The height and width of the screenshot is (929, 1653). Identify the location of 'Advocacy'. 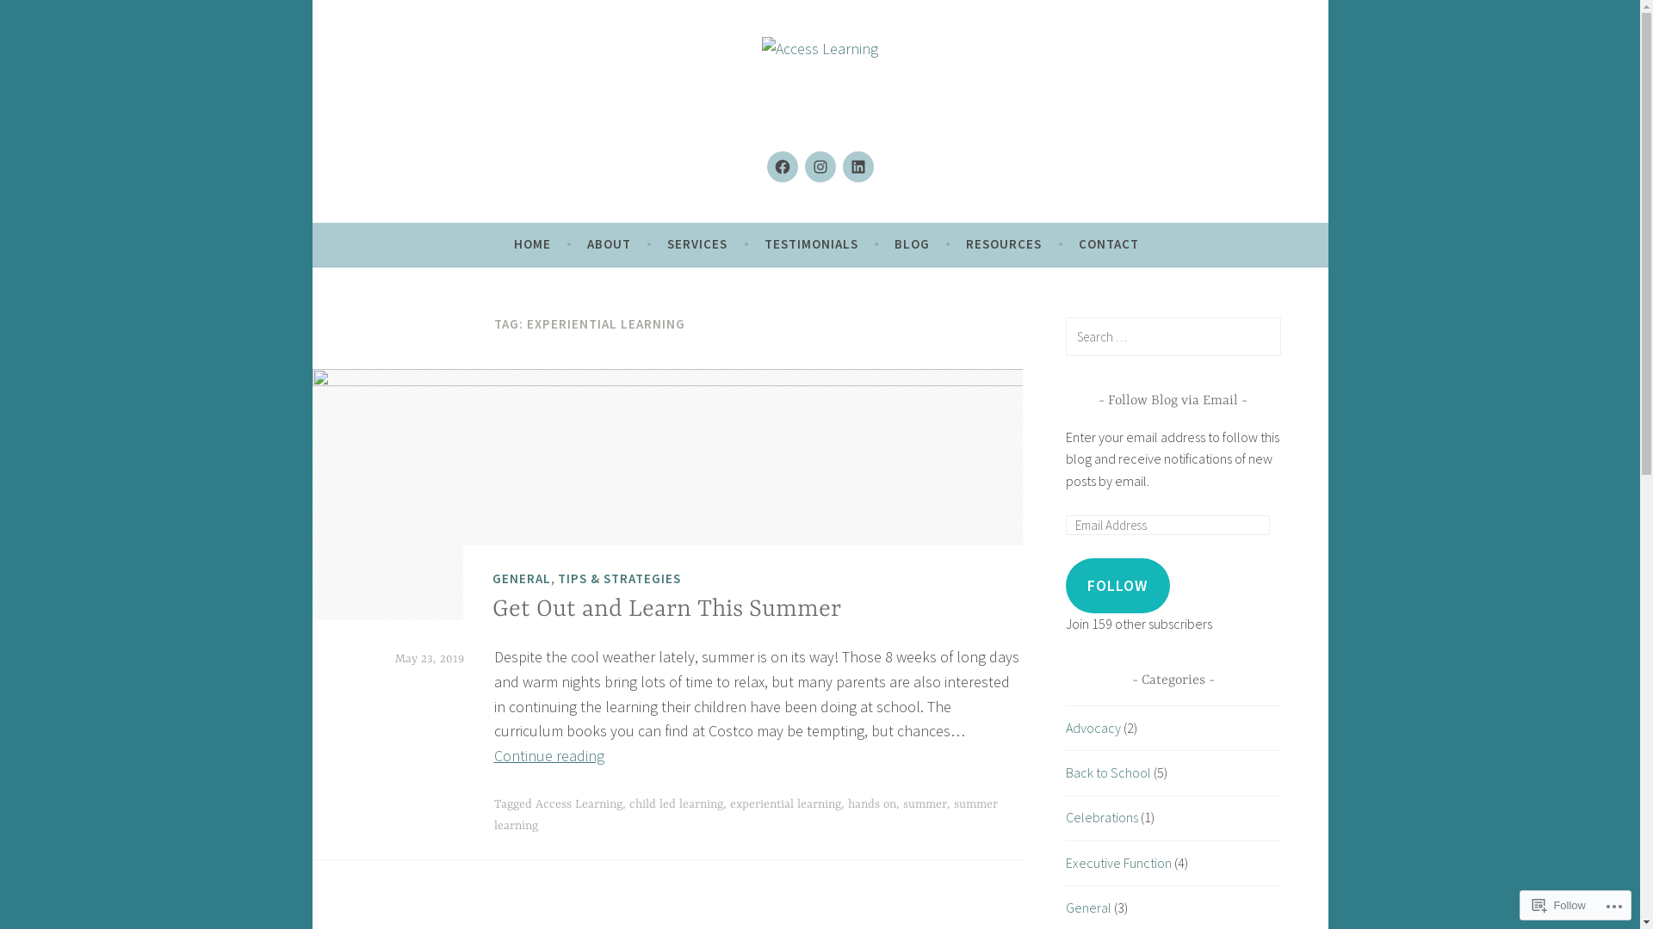
(1093, 727).